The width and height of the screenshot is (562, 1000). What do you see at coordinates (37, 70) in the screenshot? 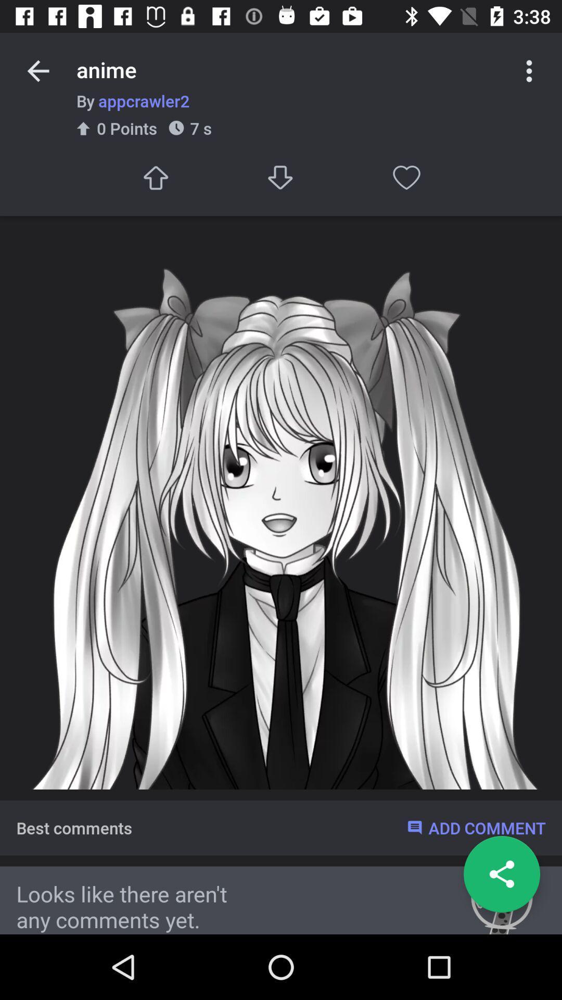
I see `previous` at bounding box center [37, 70].